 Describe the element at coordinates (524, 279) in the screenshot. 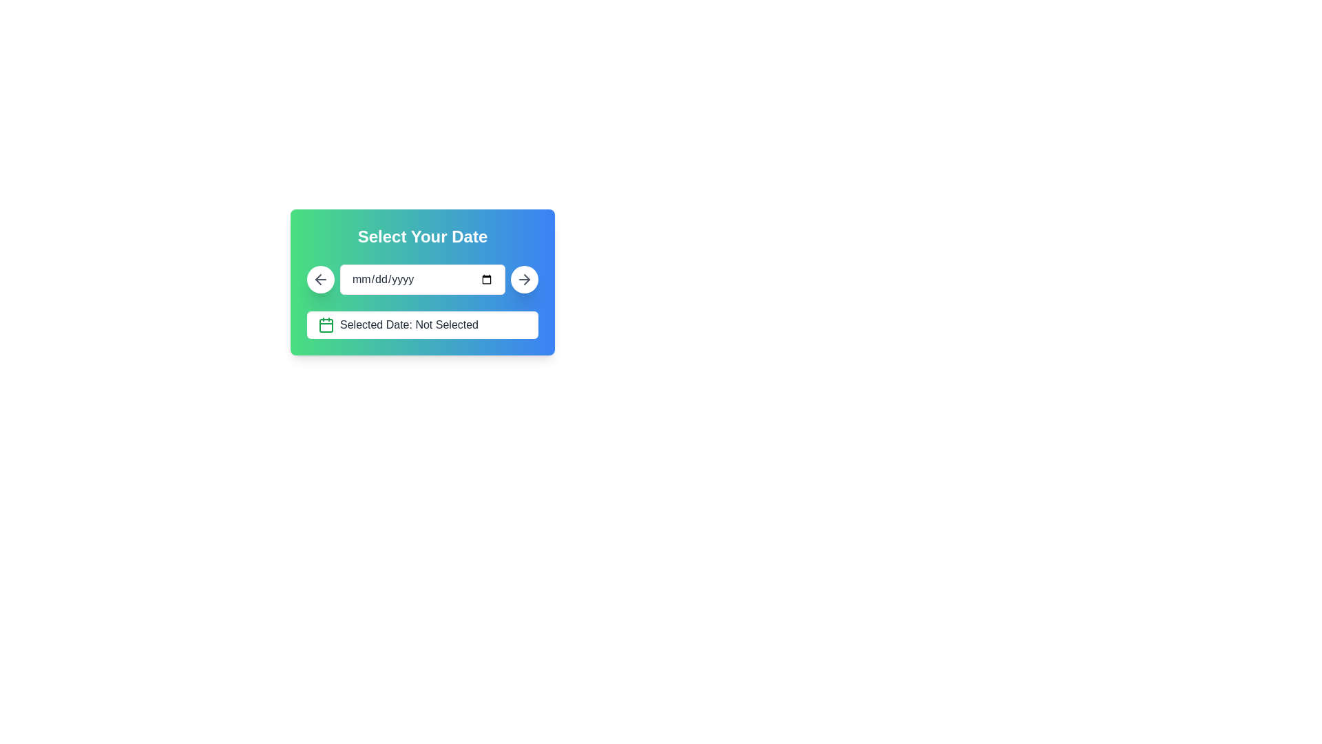

I see `the navigation button located at the right-most position next to the date input field` at that location.